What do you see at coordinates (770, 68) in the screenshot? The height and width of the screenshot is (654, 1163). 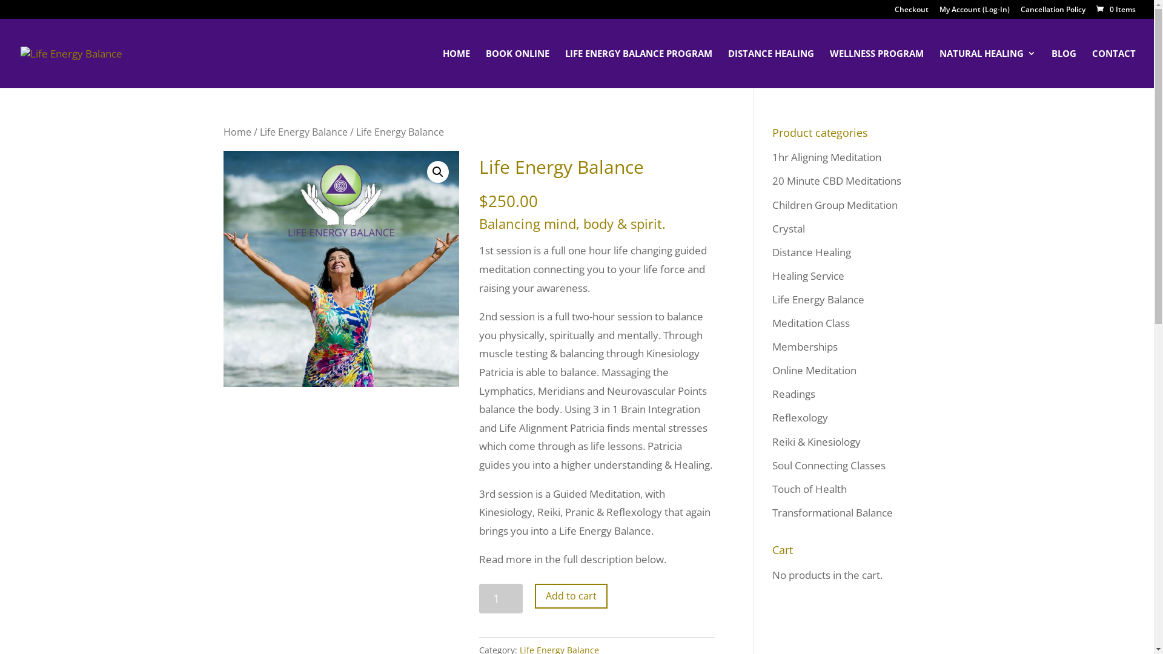 I see `'DISTANCE HEALING'` at bounding box center [770, 68].